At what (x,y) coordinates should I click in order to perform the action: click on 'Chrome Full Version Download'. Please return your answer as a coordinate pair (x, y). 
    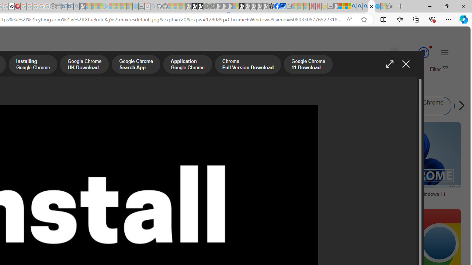
    Looking at the image, I should click on (248, 65).